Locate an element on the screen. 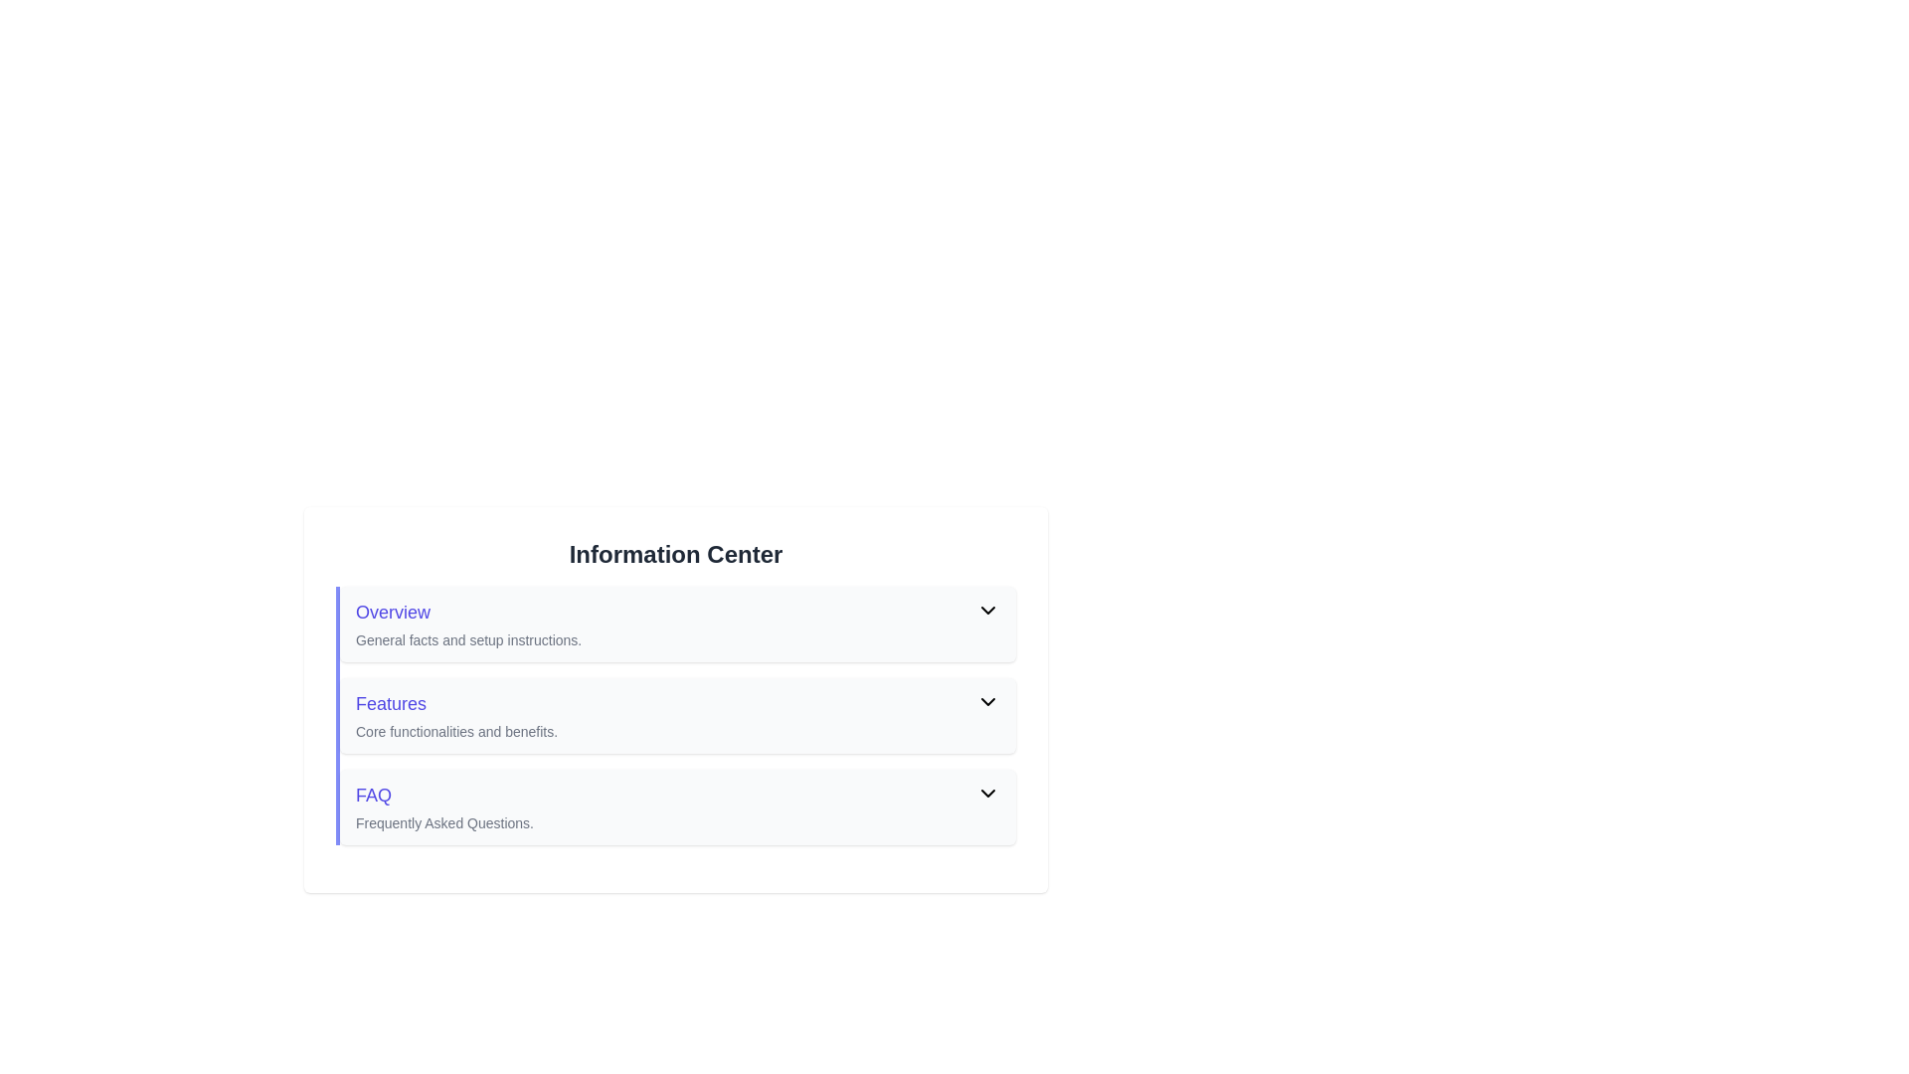 The width and height of the screenshot is (1909, 1074). the Dropdown toggle icon located to the far right of the 'Overview' section header in the 'Information Center' panel is located at coordinates (987, 609).